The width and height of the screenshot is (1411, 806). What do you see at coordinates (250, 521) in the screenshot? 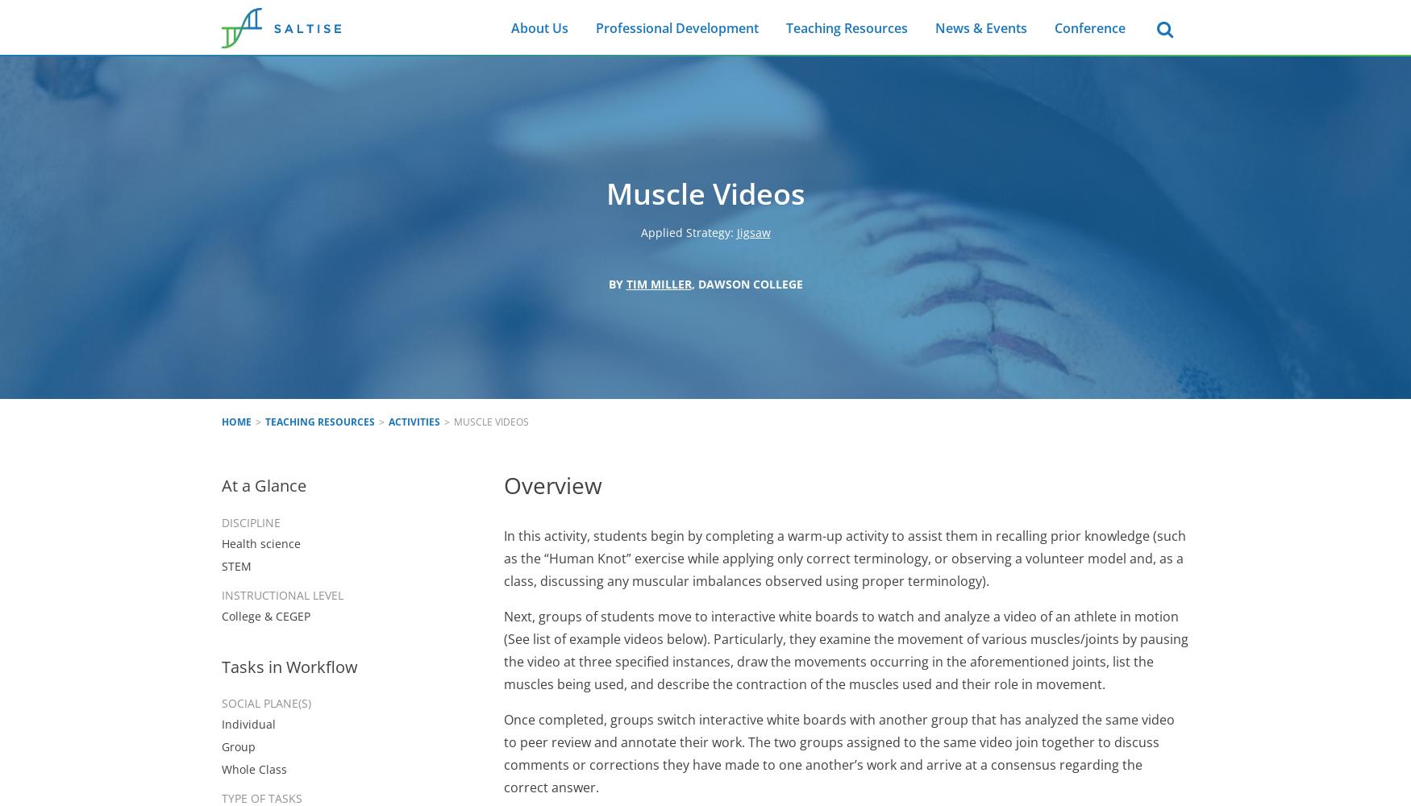
I see `'Discipline'` at bounding box center [250, 521].